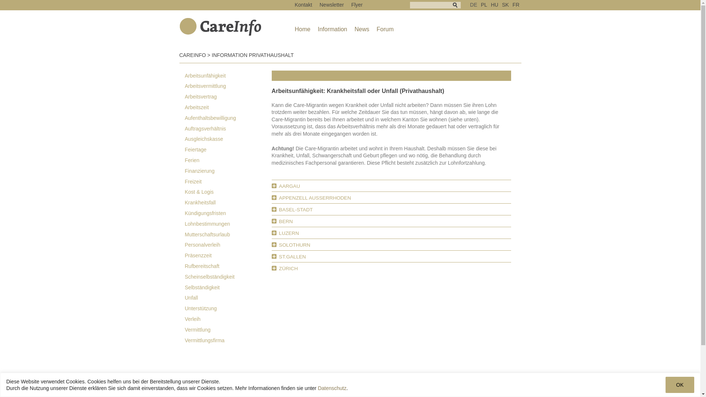 The width and height of the screenshot is (706, 397). Describe the element at coordinates (384, 29) in the screenshot. I see `'Forum'` at that location.